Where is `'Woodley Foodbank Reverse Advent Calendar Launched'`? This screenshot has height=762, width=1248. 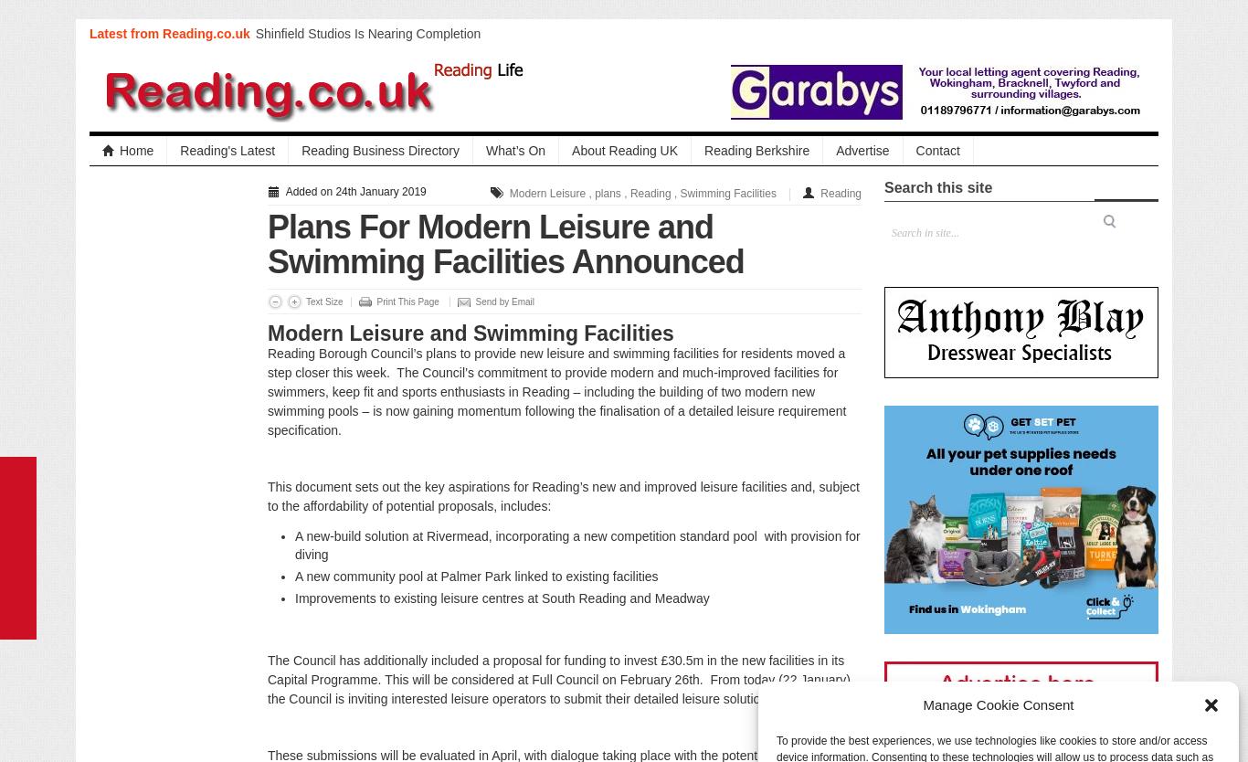
'Woodley Foodbank Reverse Advent Calendar Launched' is located at coordinates (384, 225).